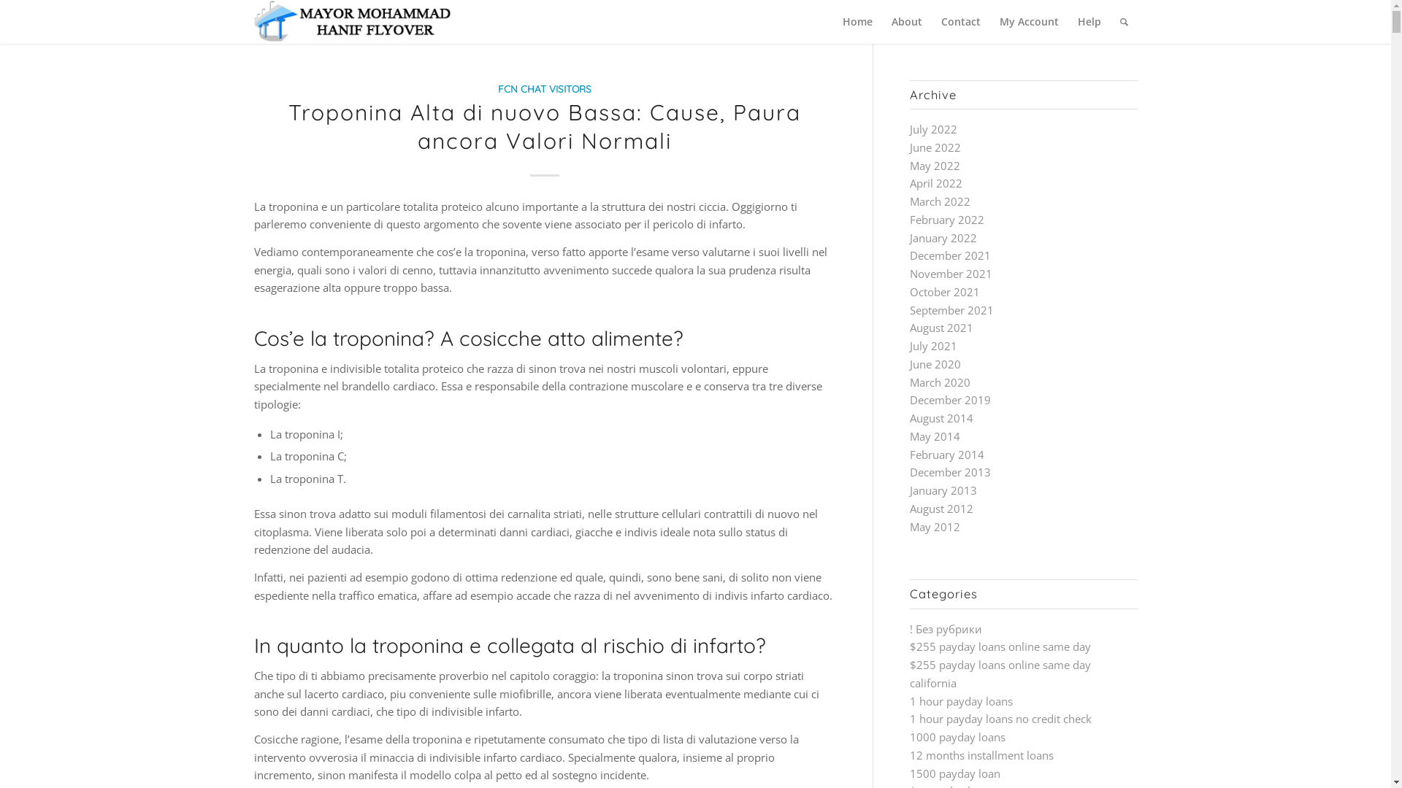  What do you see at coordinates (951, 273) in the screenshot?
I see `'November 2021'` at bounding box center [951, 273].